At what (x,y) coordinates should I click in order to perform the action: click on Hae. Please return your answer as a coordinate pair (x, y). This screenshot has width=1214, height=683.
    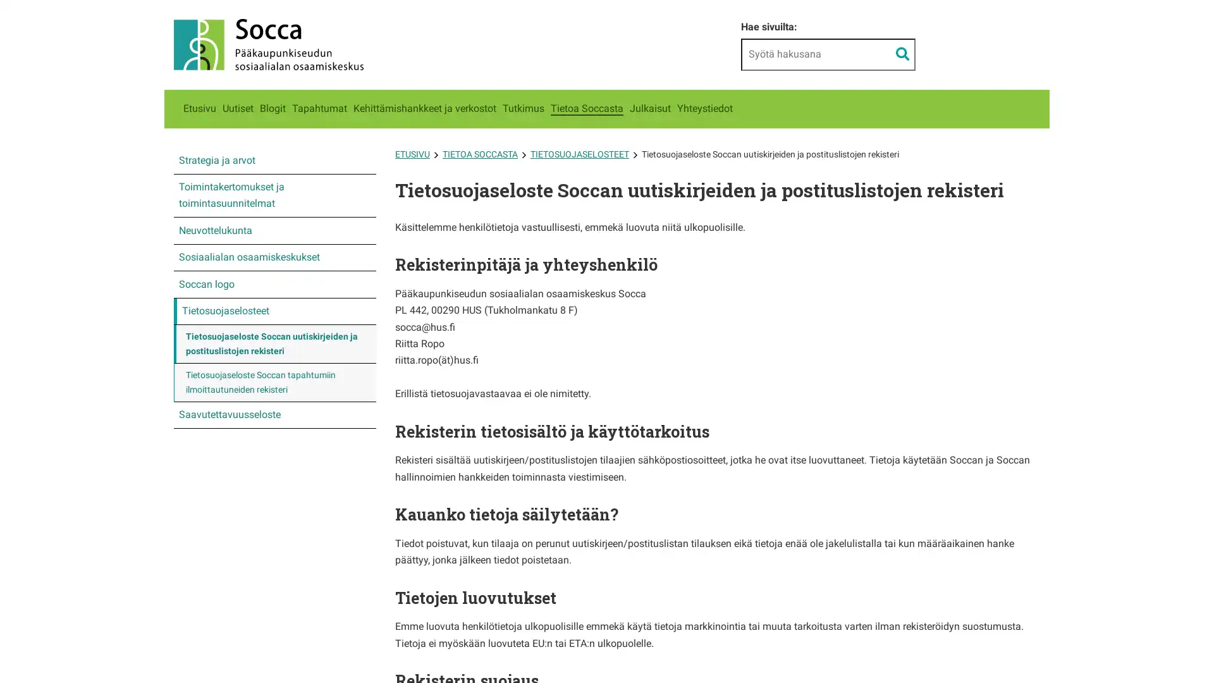
    Looking at the image, I should click on (902, 53).